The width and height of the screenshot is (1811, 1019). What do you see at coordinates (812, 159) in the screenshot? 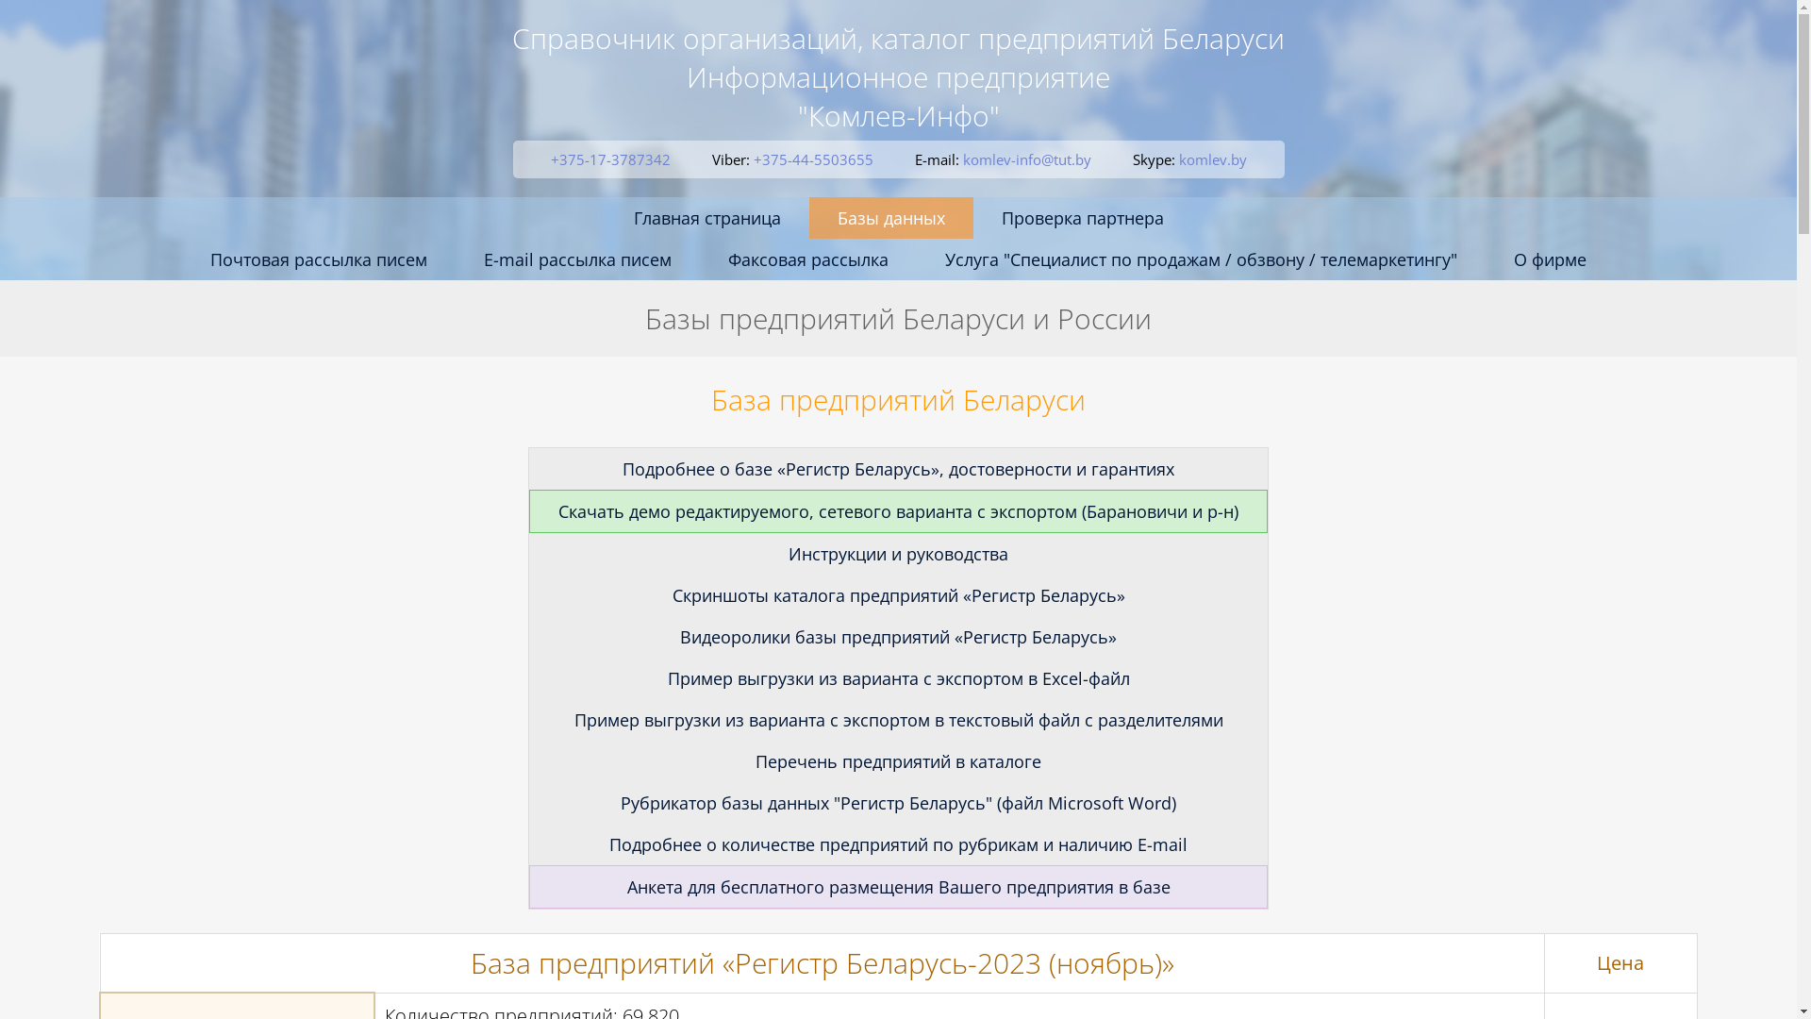
I see `'+375-44-5503655'` at bounding box center [812, 159].